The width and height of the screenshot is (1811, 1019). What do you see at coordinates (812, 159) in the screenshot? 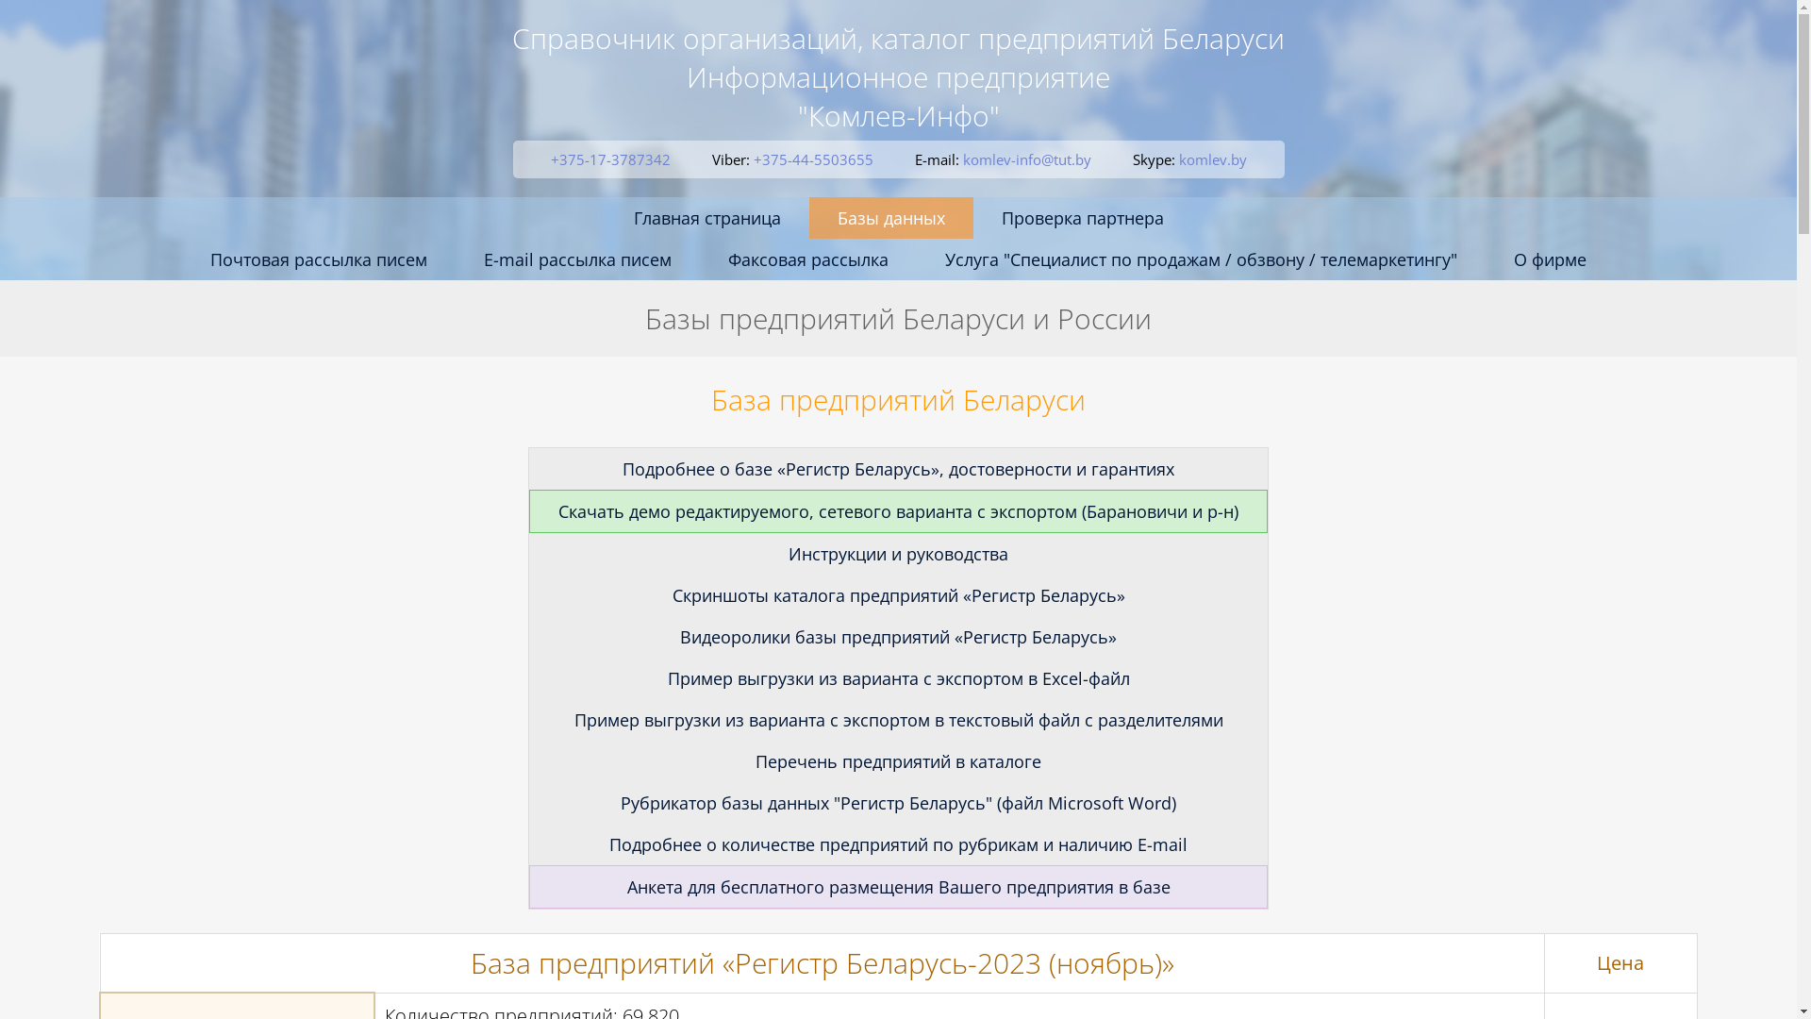
I see `'+375-44-5503655'` at bounding box center [812, 159].